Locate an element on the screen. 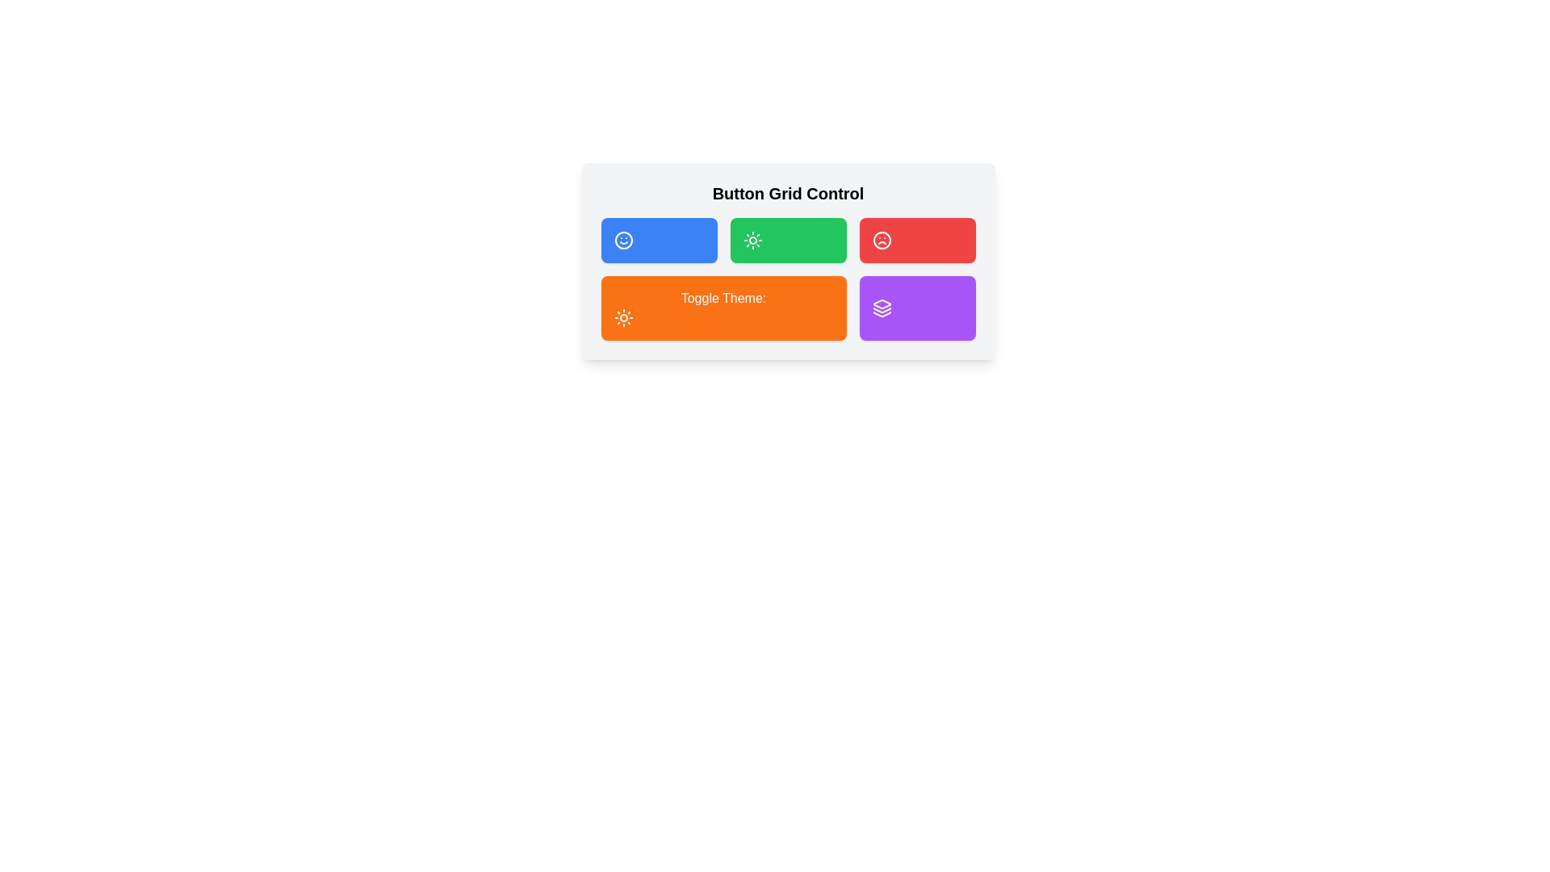  the purple button located at the bottom-right of the interactive button grid, which contains an SVG icon resembling stacked layers is located at coordinates (881, 308).